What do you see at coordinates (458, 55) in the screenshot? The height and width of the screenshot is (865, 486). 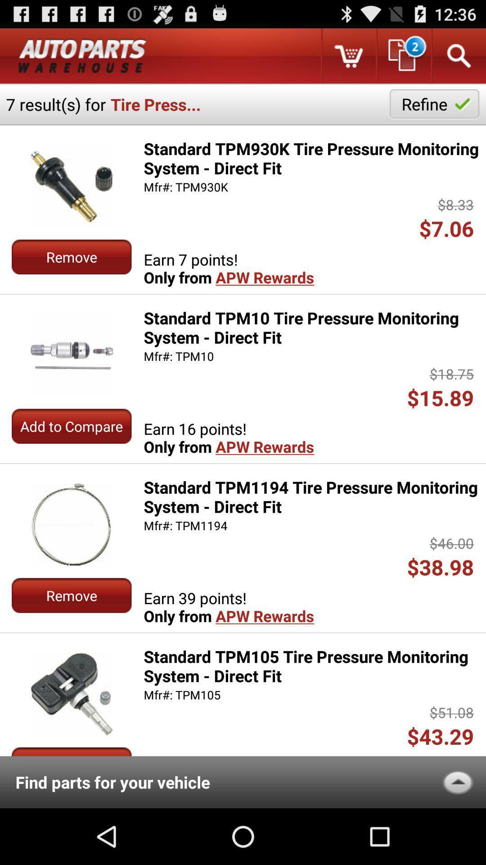 I see `search button` at bounding box center [458, 55].